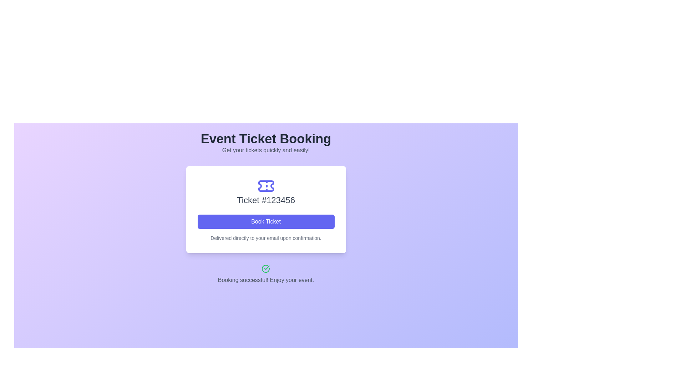 The width and height of the screenshot is (685, 385). I want to click on the static text displaying the ticket number, which is positioned below a ticket icon and above the 'Book Ticket' button, so click(265, 200).